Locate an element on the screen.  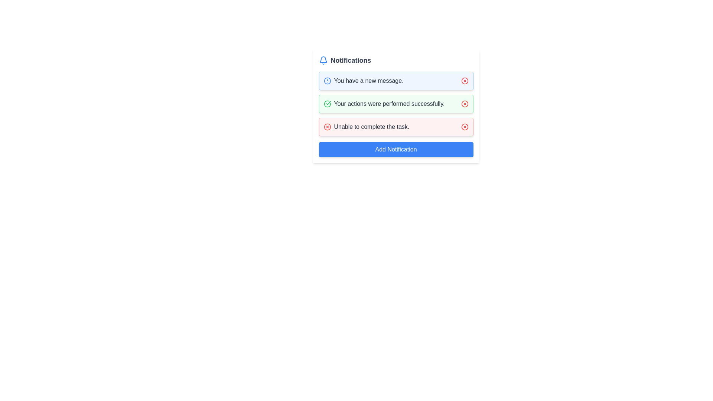
the bell icon with a light blue outline, located to the left of the 'Notifications' text label at the top of the notification box is located at coordinates (323, 60).